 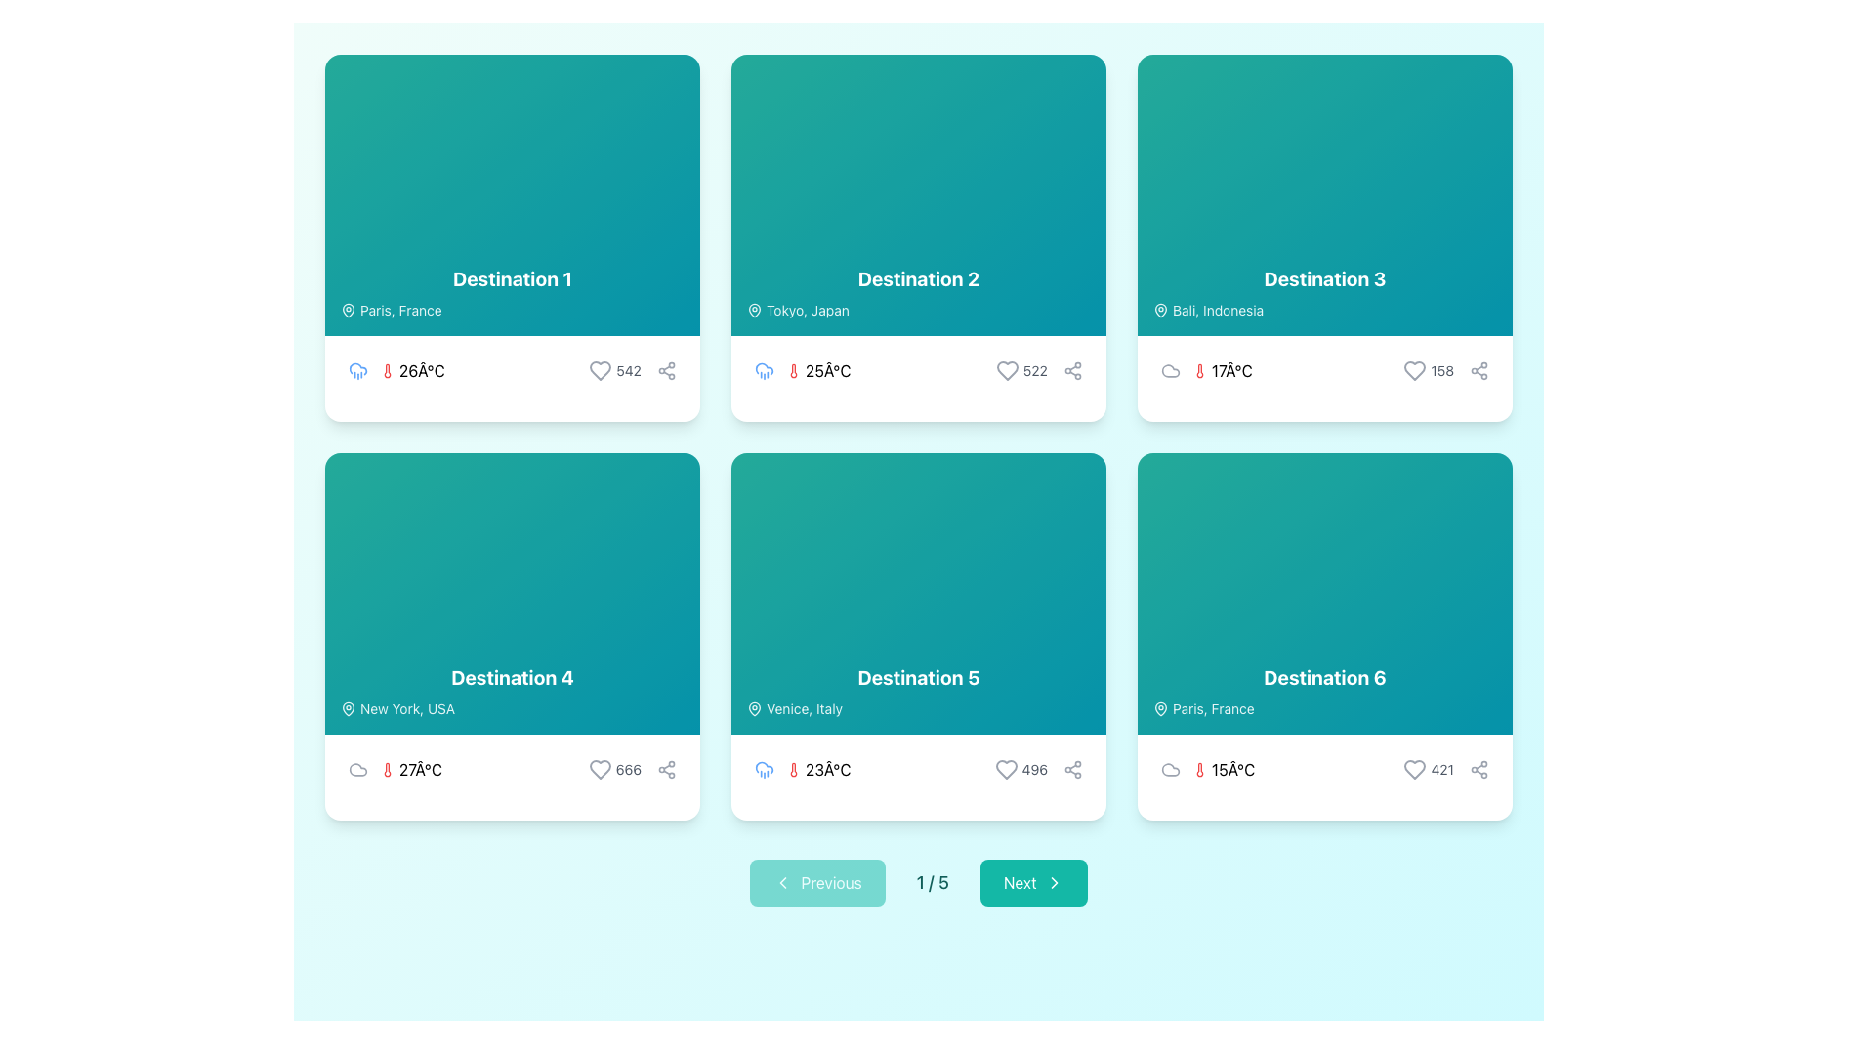 What do you see at coordinates (1442, 371) in the screenshot?
I see `the static text label displaying '158' in a small, gray font, located in the bottom-right corner of the 'Destination 3' card, adjacent to the heart icon` at bounding box center [1442, 371].